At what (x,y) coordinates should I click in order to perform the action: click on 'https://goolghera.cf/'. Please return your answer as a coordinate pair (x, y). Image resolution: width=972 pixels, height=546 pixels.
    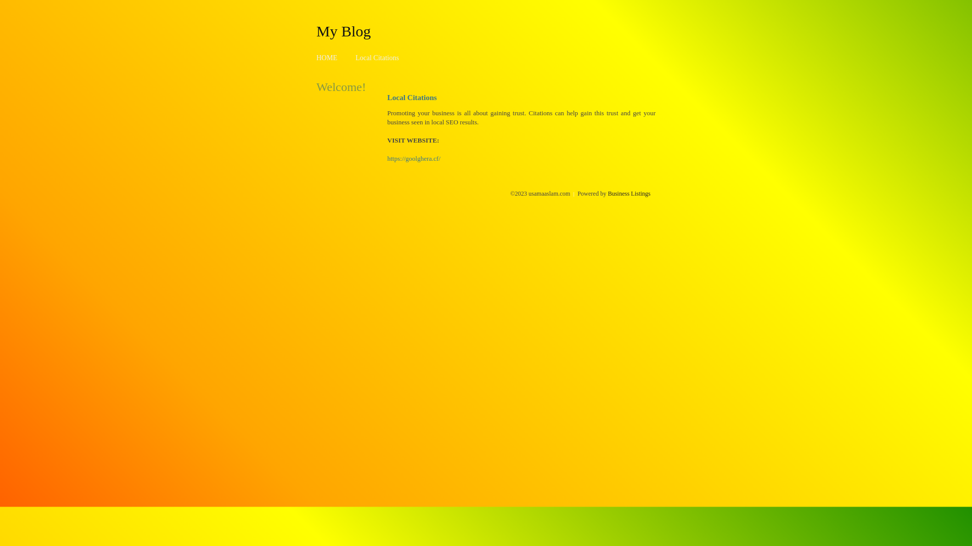
    Looking at the image, I should click on (414, 158).